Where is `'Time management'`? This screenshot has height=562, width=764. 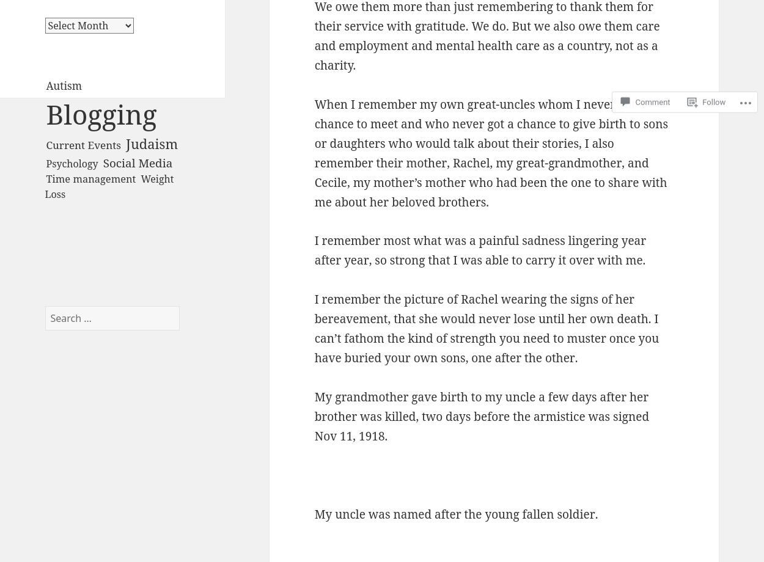 'Time management' is located at coordinates (90, 178).